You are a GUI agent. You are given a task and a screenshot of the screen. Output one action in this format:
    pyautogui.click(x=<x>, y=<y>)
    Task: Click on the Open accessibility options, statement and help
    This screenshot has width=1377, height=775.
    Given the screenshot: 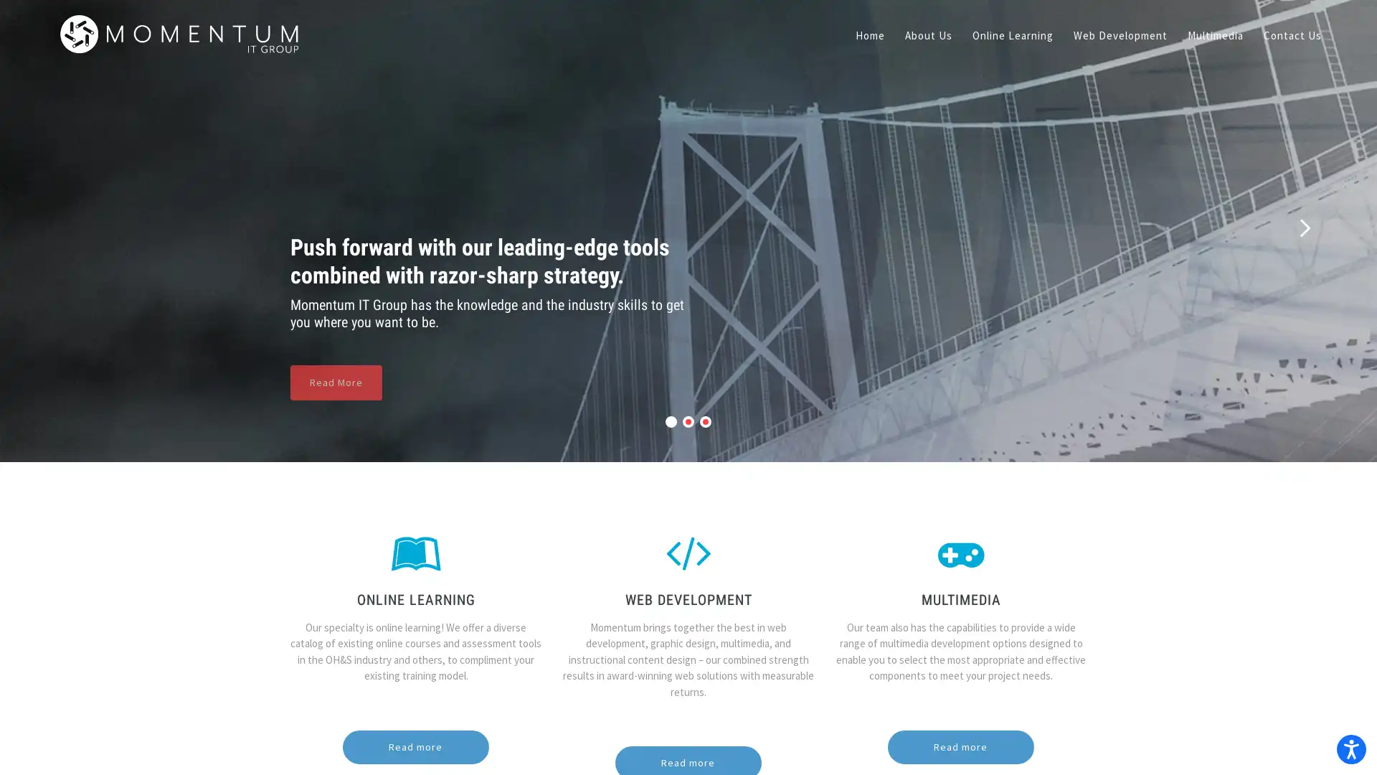 What is the action you would take?
    pyautogui.click(x=1345, y=743)
    